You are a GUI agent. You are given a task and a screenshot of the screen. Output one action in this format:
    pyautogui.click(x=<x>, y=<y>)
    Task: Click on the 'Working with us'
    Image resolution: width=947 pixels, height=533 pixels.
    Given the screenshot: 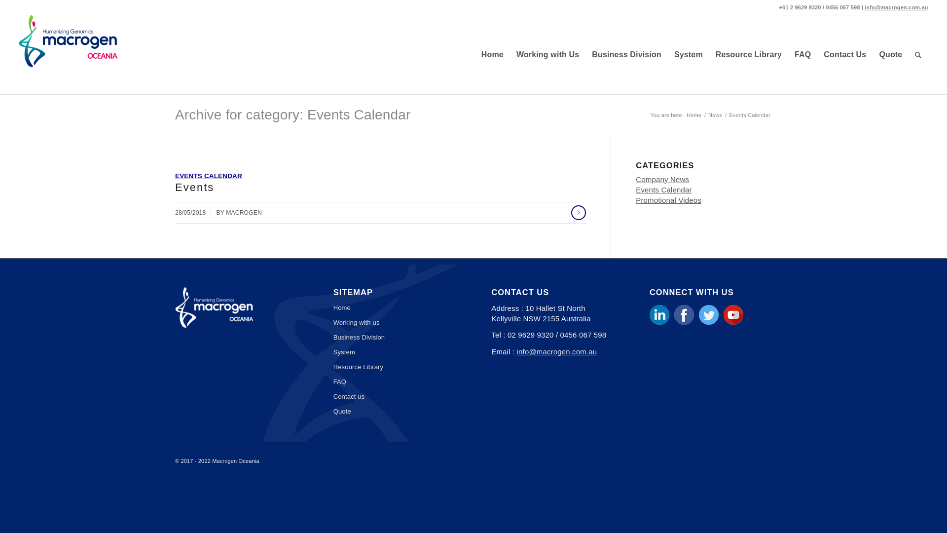 What is the action you would take?
    pyautogui.click(x=395, y=323)
    